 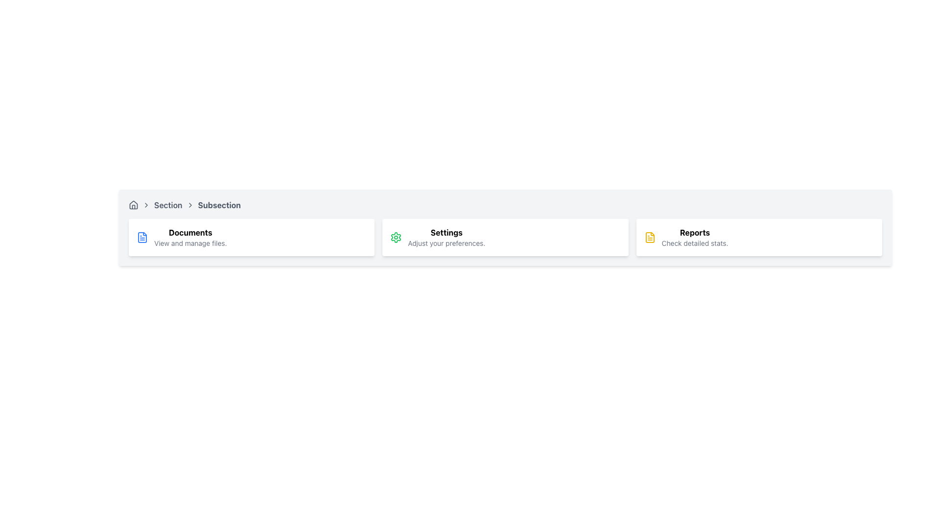 What do you see at coordinates (190, 243) in the screenshot?
I see `the informational text element located immediately below the 'Documents' header in the leftmost card of the interface` at bounding box center [190, 243].